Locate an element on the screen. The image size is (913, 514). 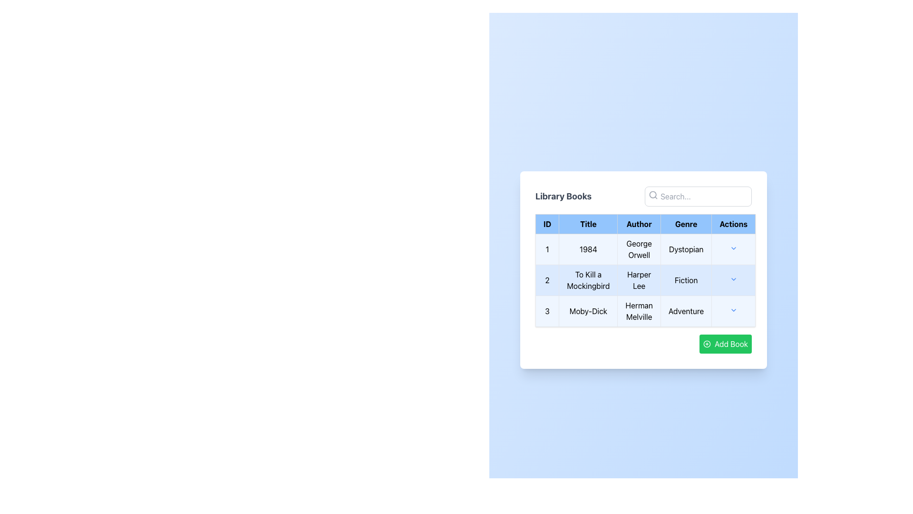
the circular SVG graphical component that forms the lens of the magnifying glass icon in the Library Books section is located at coordinates (652, 194).